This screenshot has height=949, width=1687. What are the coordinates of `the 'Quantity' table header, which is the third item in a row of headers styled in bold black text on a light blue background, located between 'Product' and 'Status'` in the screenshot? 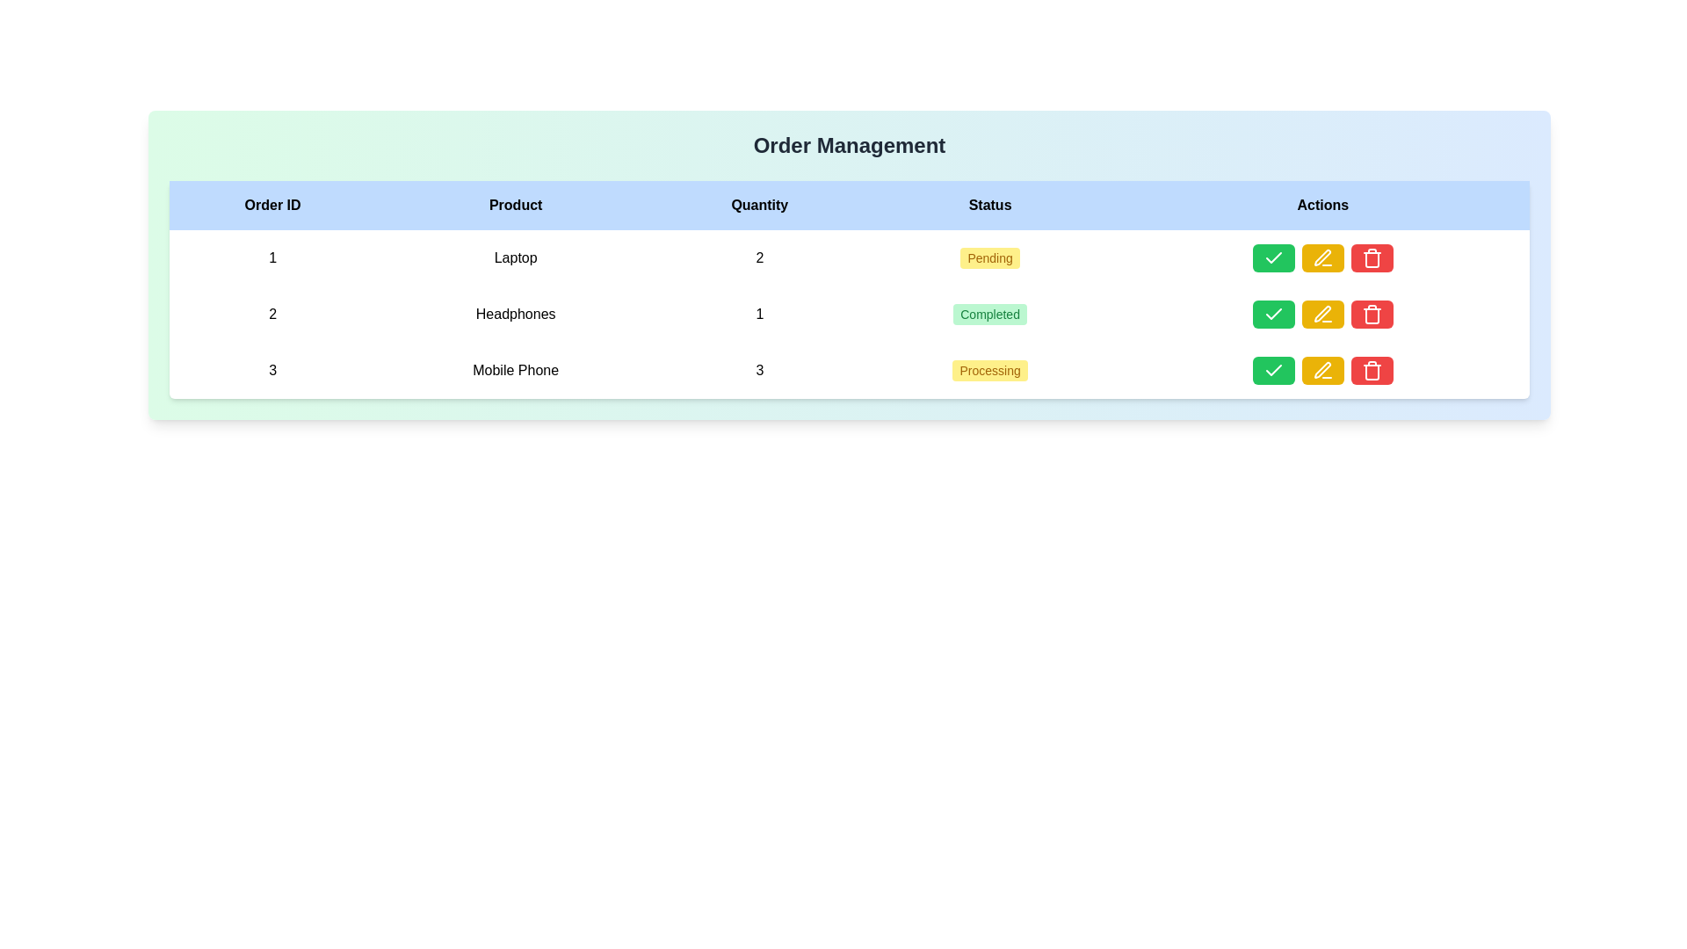 It's located at (759, 205).